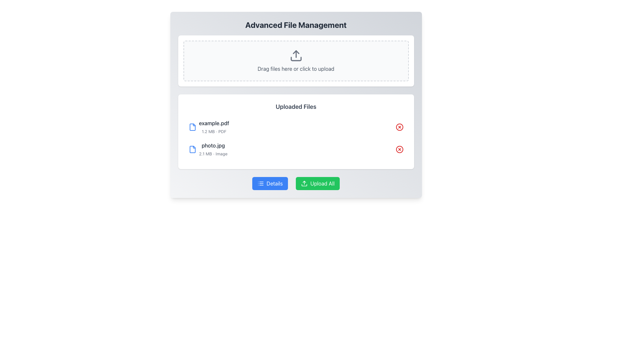  Describe the element at coordinates (207, 149) in the screenshot. I see `to select the file entry labeled 'photo.jpg' in the Uploaded Files section, which is the second entry below 'example.pdf'` at that location.